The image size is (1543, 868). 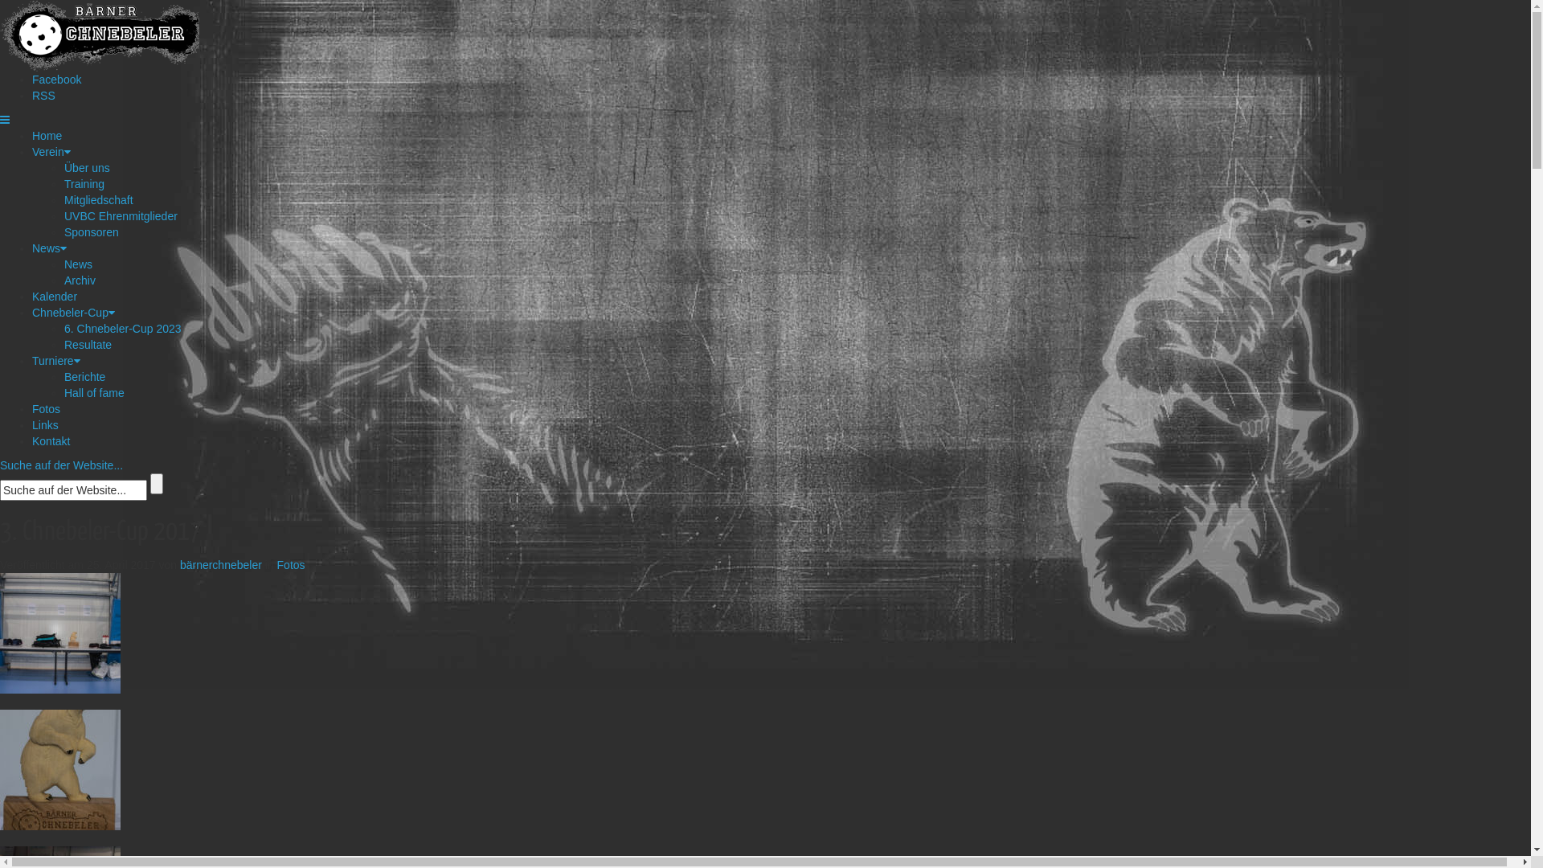 What do you see at coordinates (84, 182) in the screenshot?
I see `'Training'` at bounding box center [84, 182].